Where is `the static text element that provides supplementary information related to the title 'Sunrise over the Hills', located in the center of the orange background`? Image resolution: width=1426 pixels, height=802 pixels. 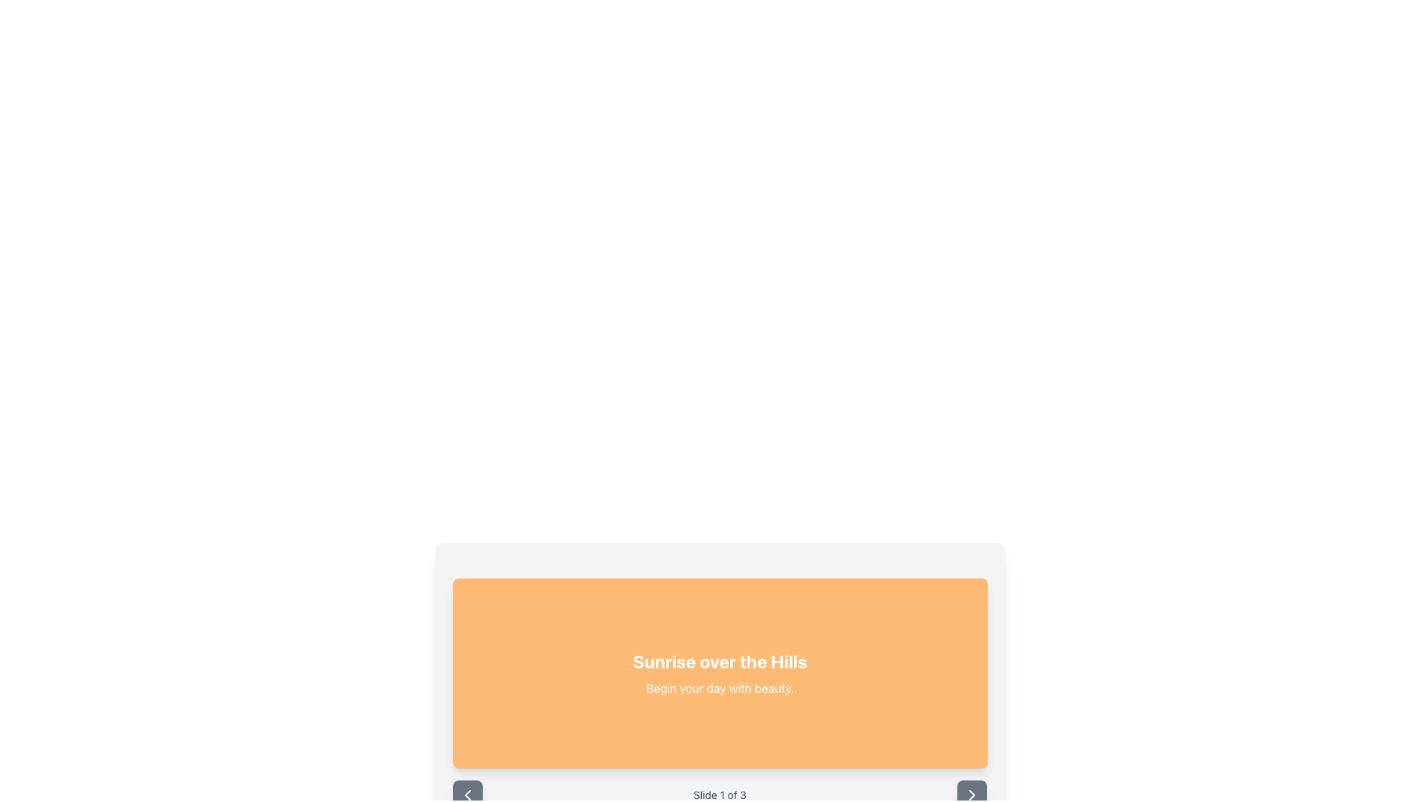
the static text element that provides supplementary information related to the title 'Sunrise over the Hills', located in the center of the orange background is located at coordinates (720, 688).